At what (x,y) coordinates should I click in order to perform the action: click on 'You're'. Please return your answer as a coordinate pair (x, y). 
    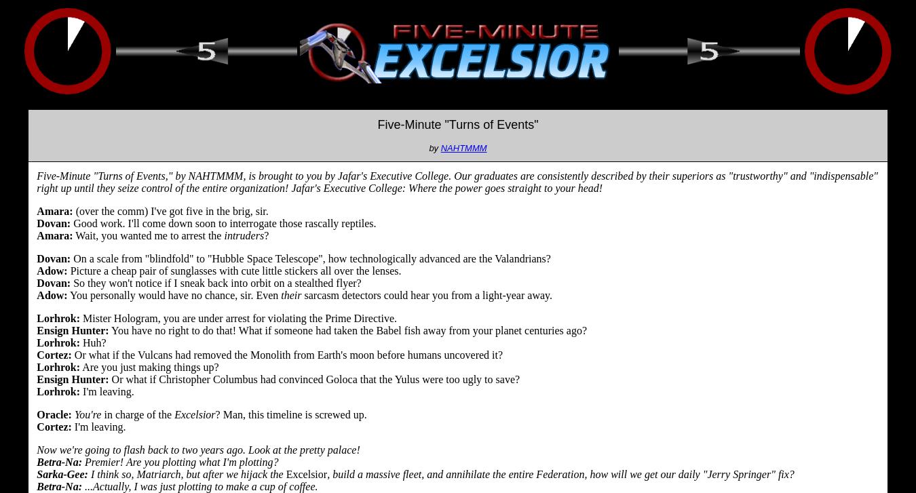
    Looking at the image, I should click on (88, 413).